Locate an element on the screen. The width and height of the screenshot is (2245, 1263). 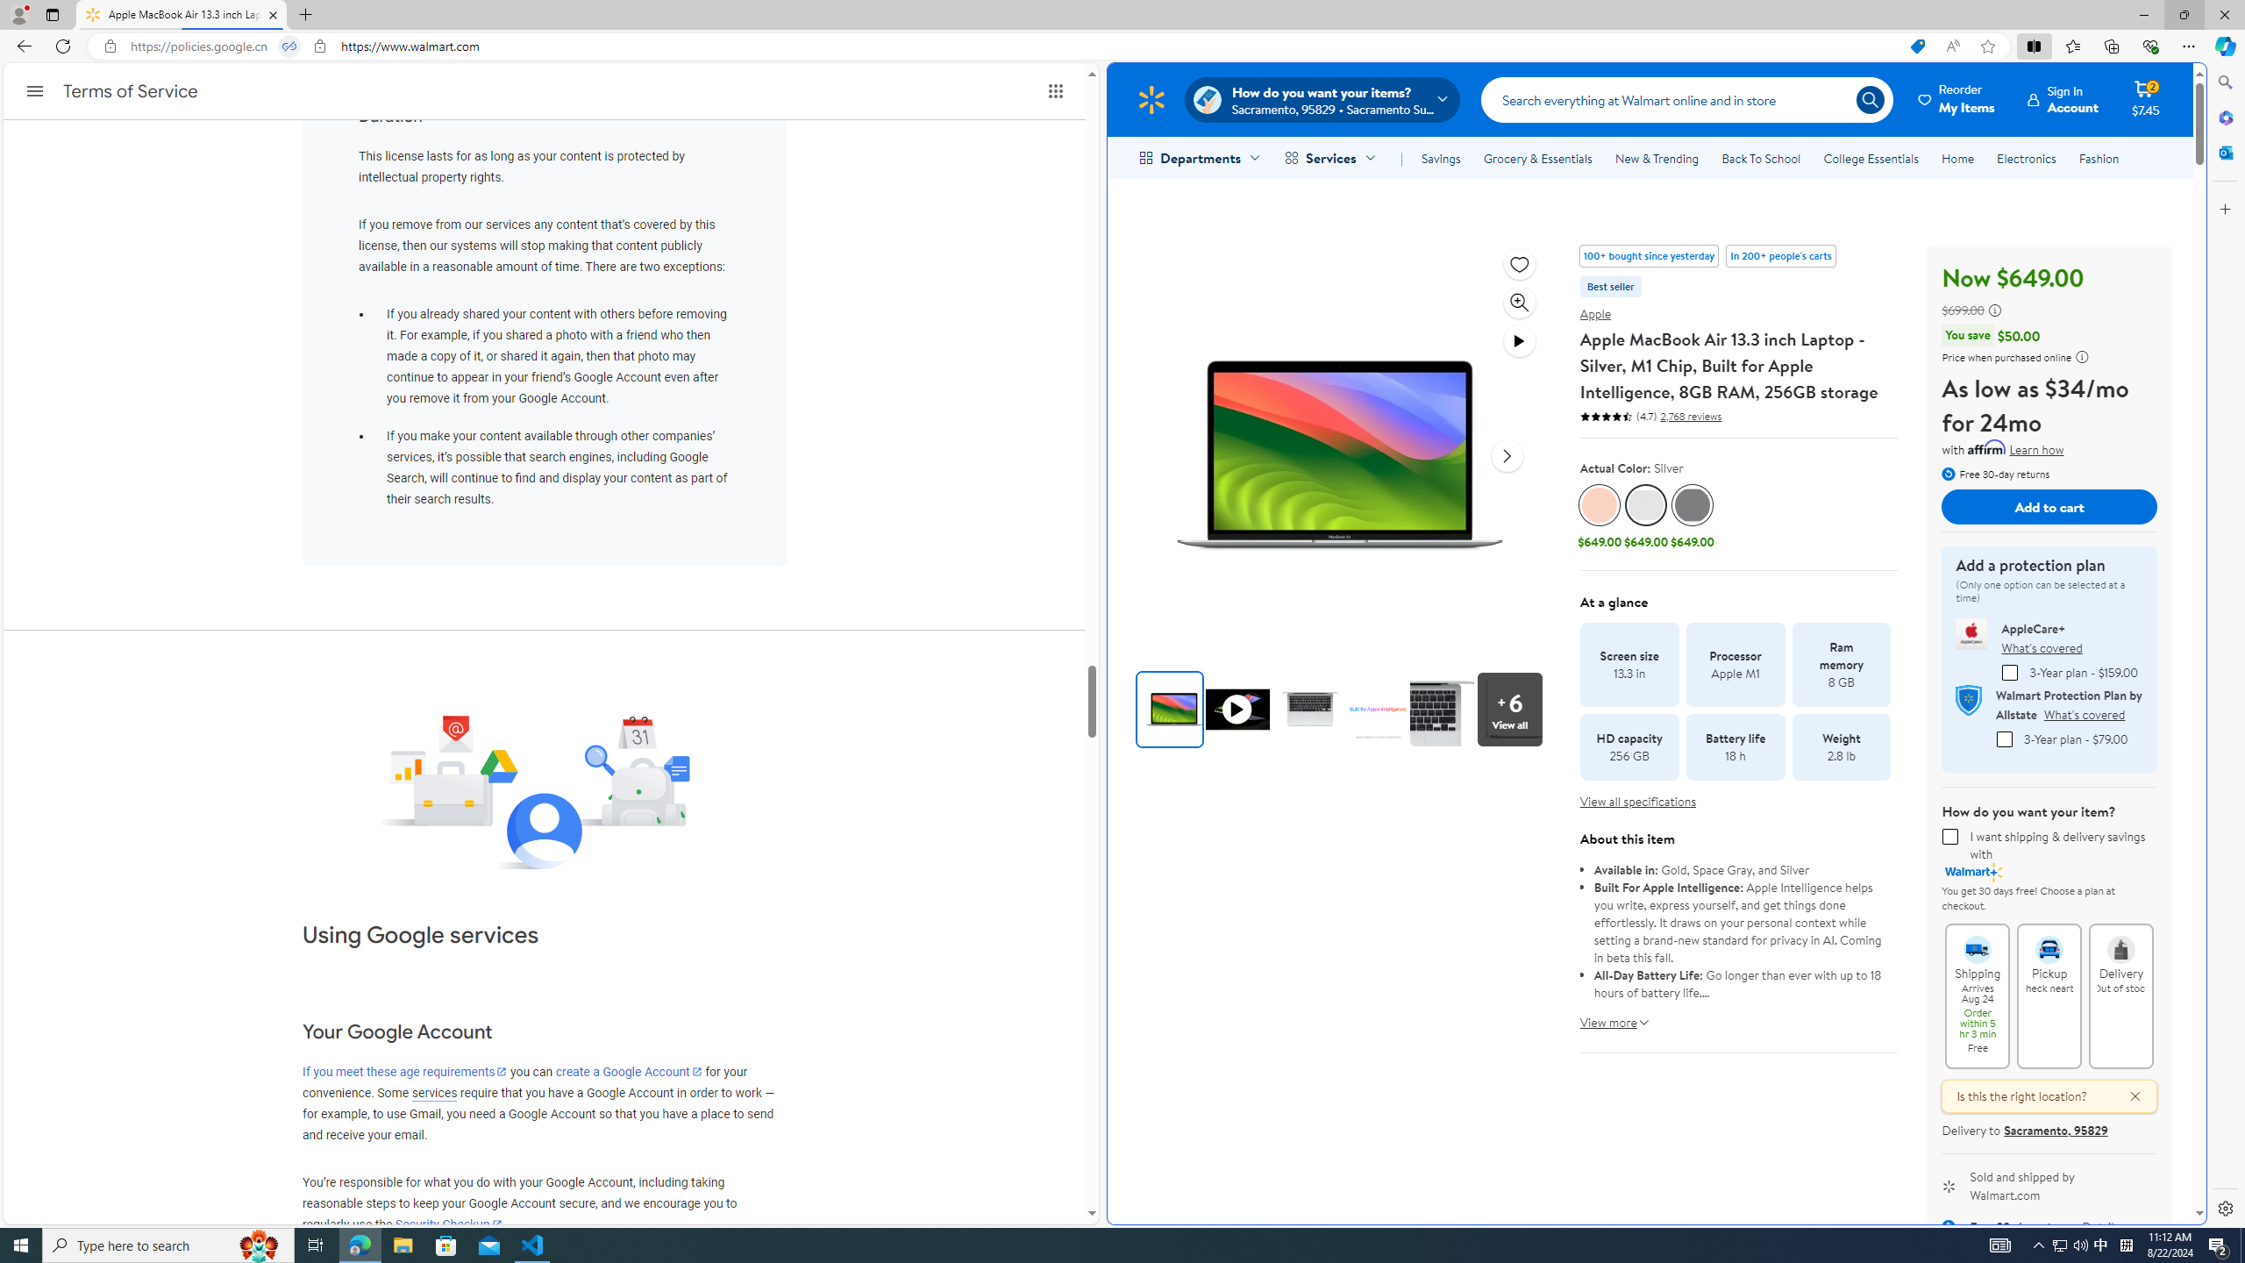
'Apple' is located at coordinates (1595, 313).